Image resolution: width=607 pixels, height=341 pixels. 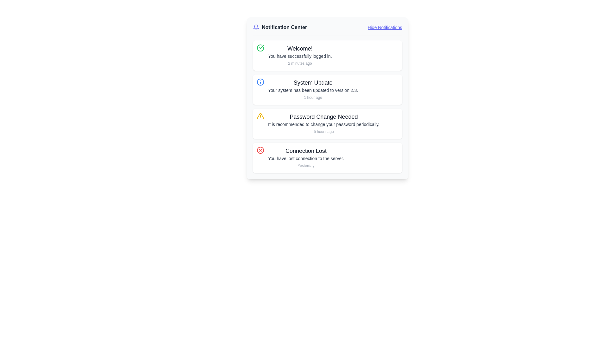 What do you see at coordinates (261, 81) in the screenshot?
I see `appearance of the icon representing the system update notification, located on the left side of the notification panel within the second notification titled 'System Update.'` at bounding box center [261, 81].